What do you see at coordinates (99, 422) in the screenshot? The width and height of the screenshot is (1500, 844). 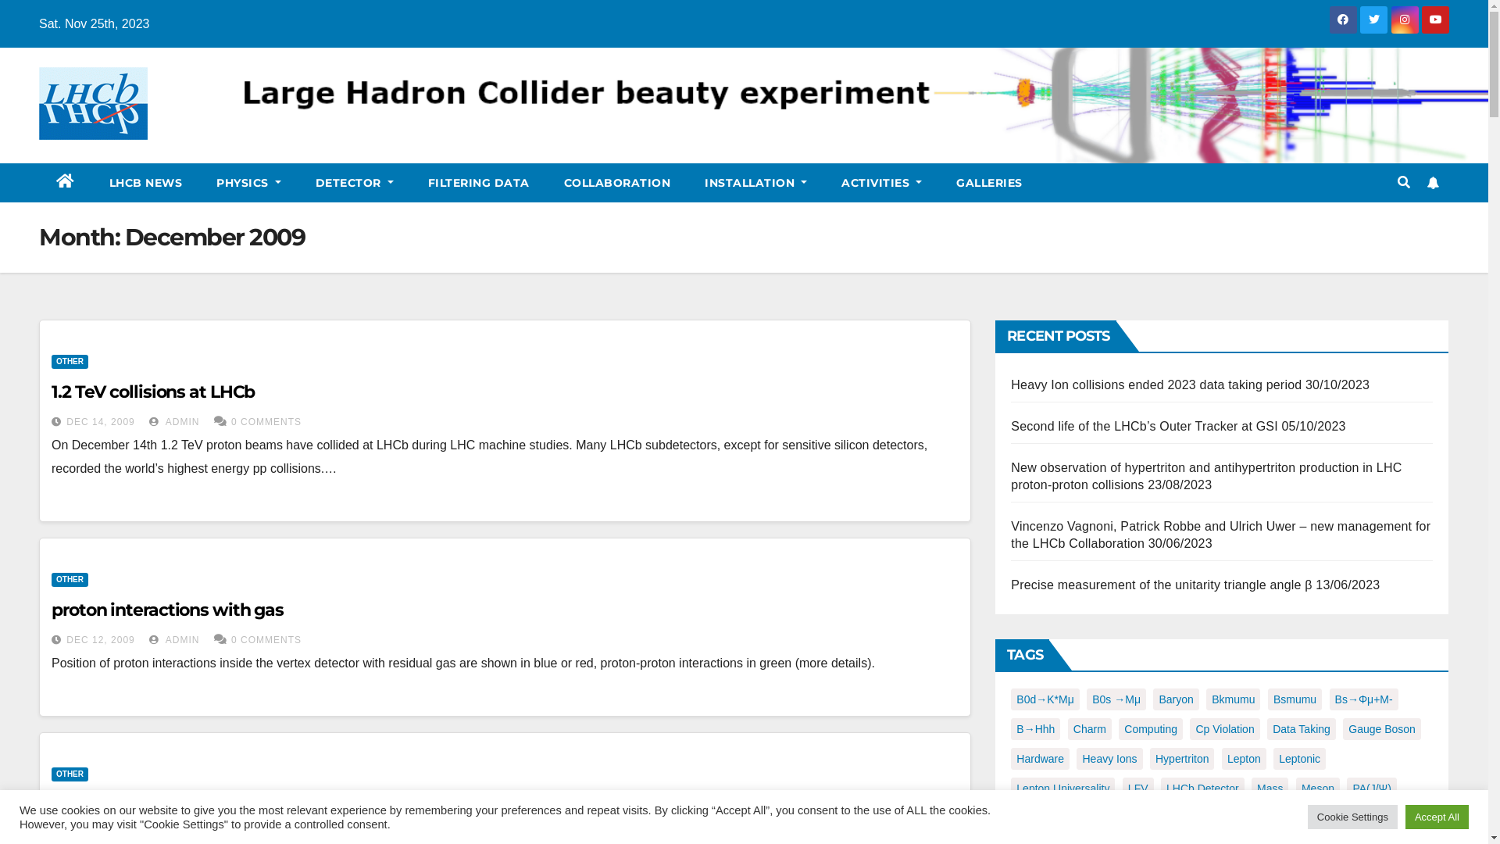 I see `'DEC 14, 2009'` at bounding box center [99, 422].